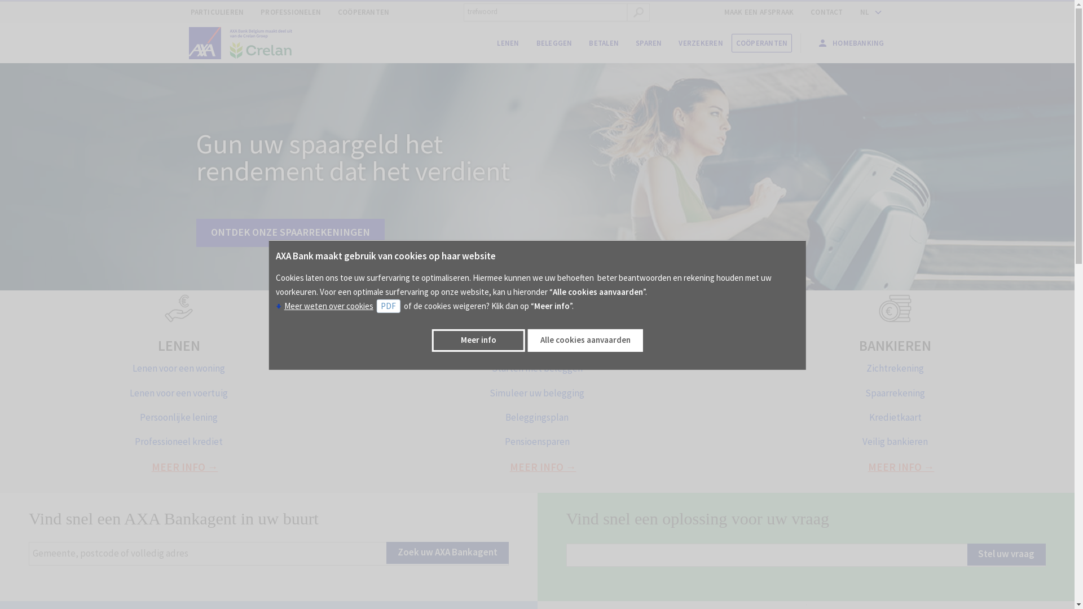 The height and width of the screenshot is (609, 1083). Describe the element at coordinates (895, 441) in the screenshot. I see `'Veilig bankieren'` at that location.